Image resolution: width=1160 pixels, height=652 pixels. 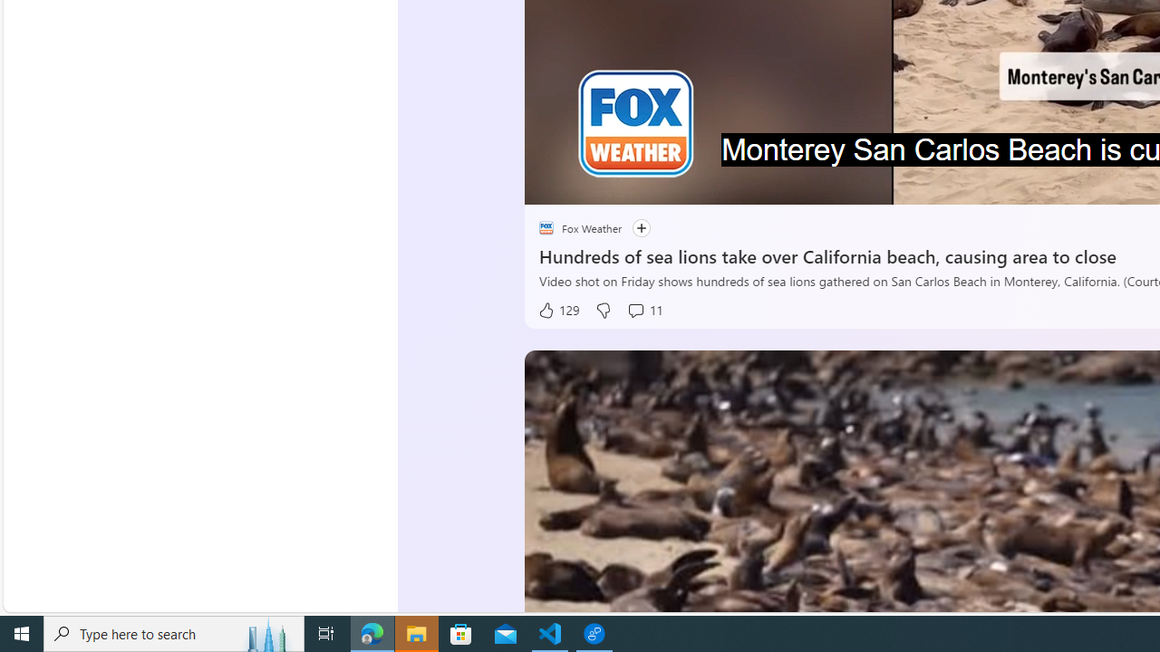 What do you see at coordinates (580, 227) in the screenshot?
I see `'placeholder Fox Weather'` at bounding box center [580, 227].